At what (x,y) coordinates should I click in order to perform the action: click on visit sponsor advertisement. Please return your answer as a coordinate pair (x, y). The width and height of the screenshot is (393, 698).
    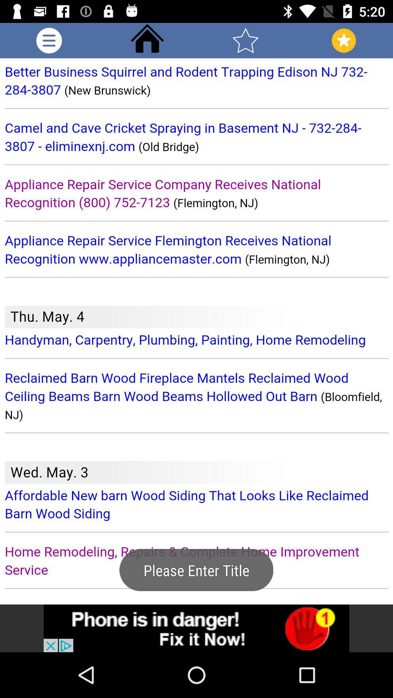
    Looking at the image, I should click on (196, 628).